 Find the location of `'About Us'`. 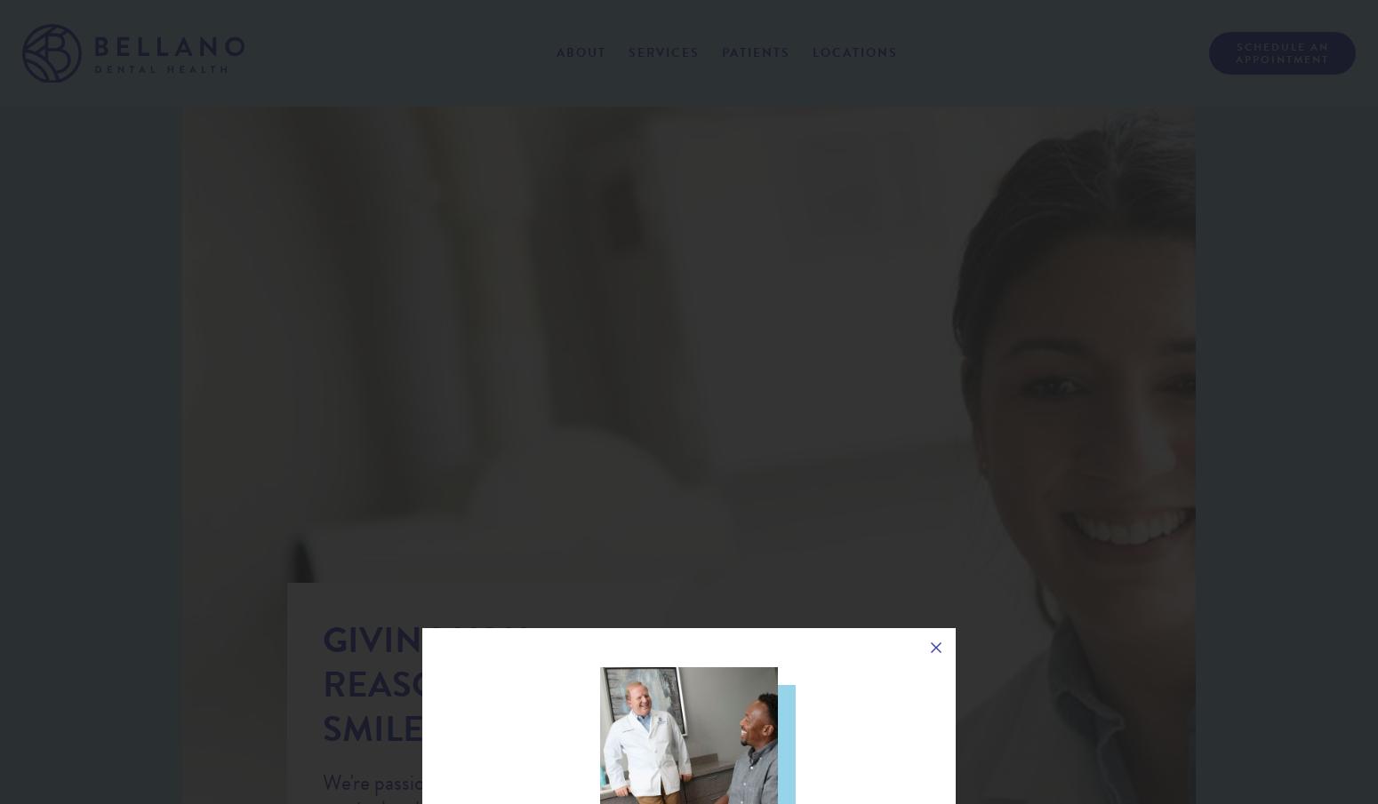

'About Us' is located at coordinates (613, 83).